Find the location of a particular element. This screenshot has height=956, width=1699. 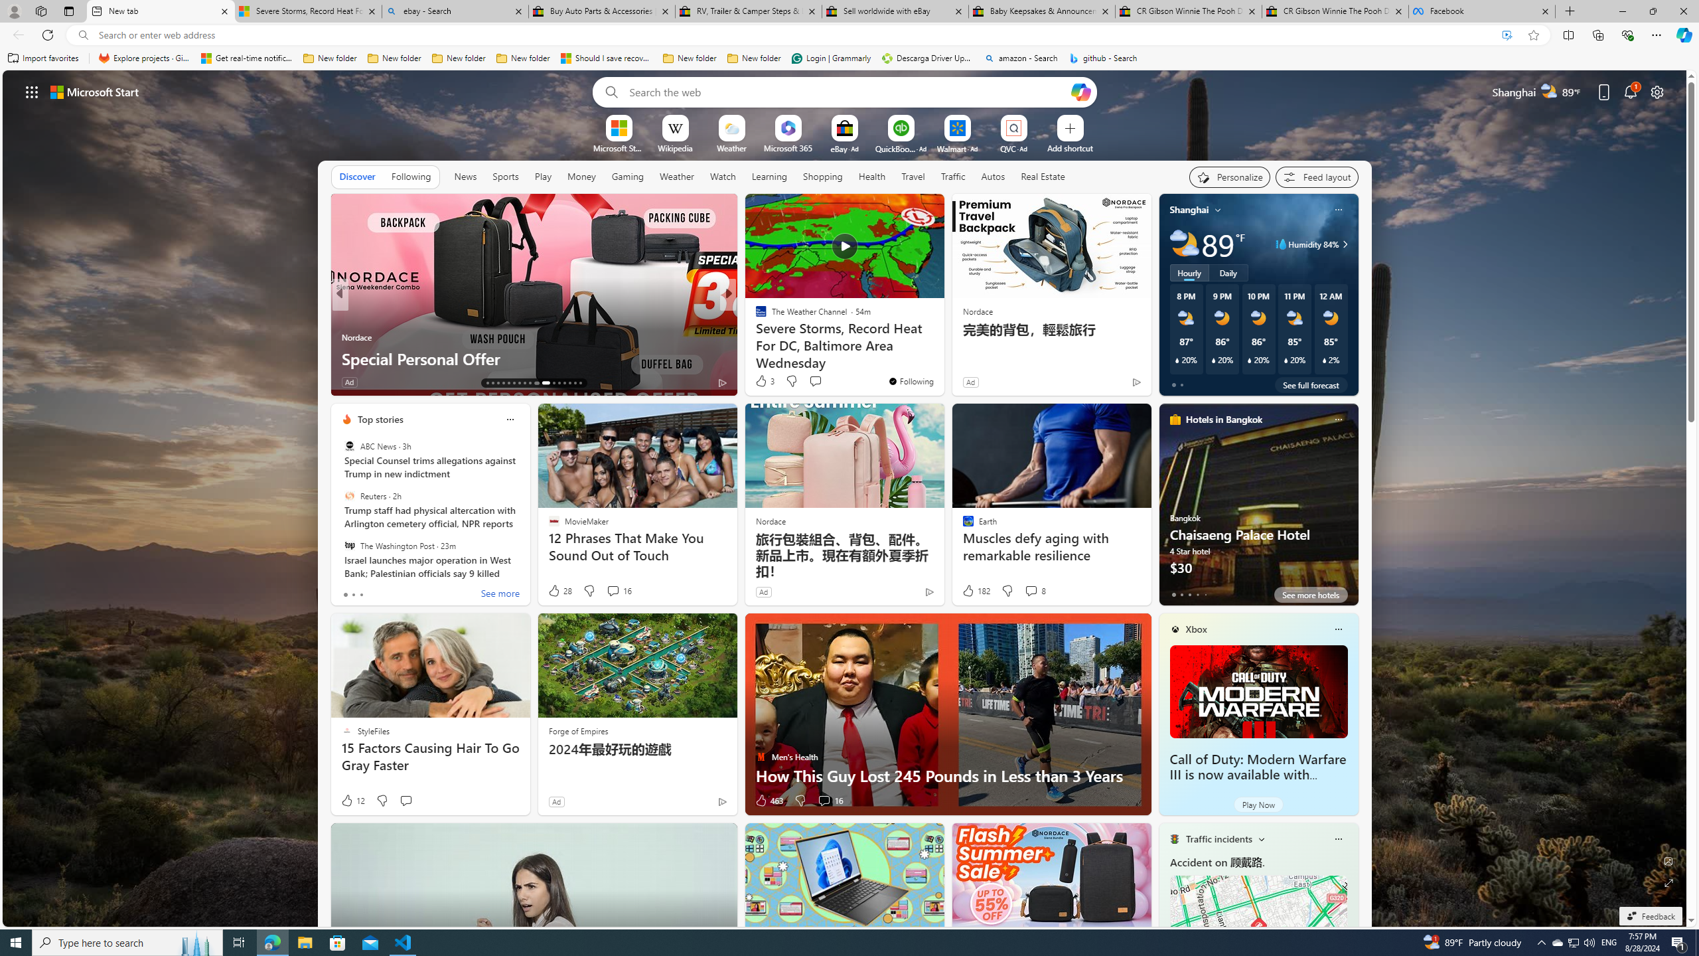

'3 Like' is located at coordinates (764, 380).